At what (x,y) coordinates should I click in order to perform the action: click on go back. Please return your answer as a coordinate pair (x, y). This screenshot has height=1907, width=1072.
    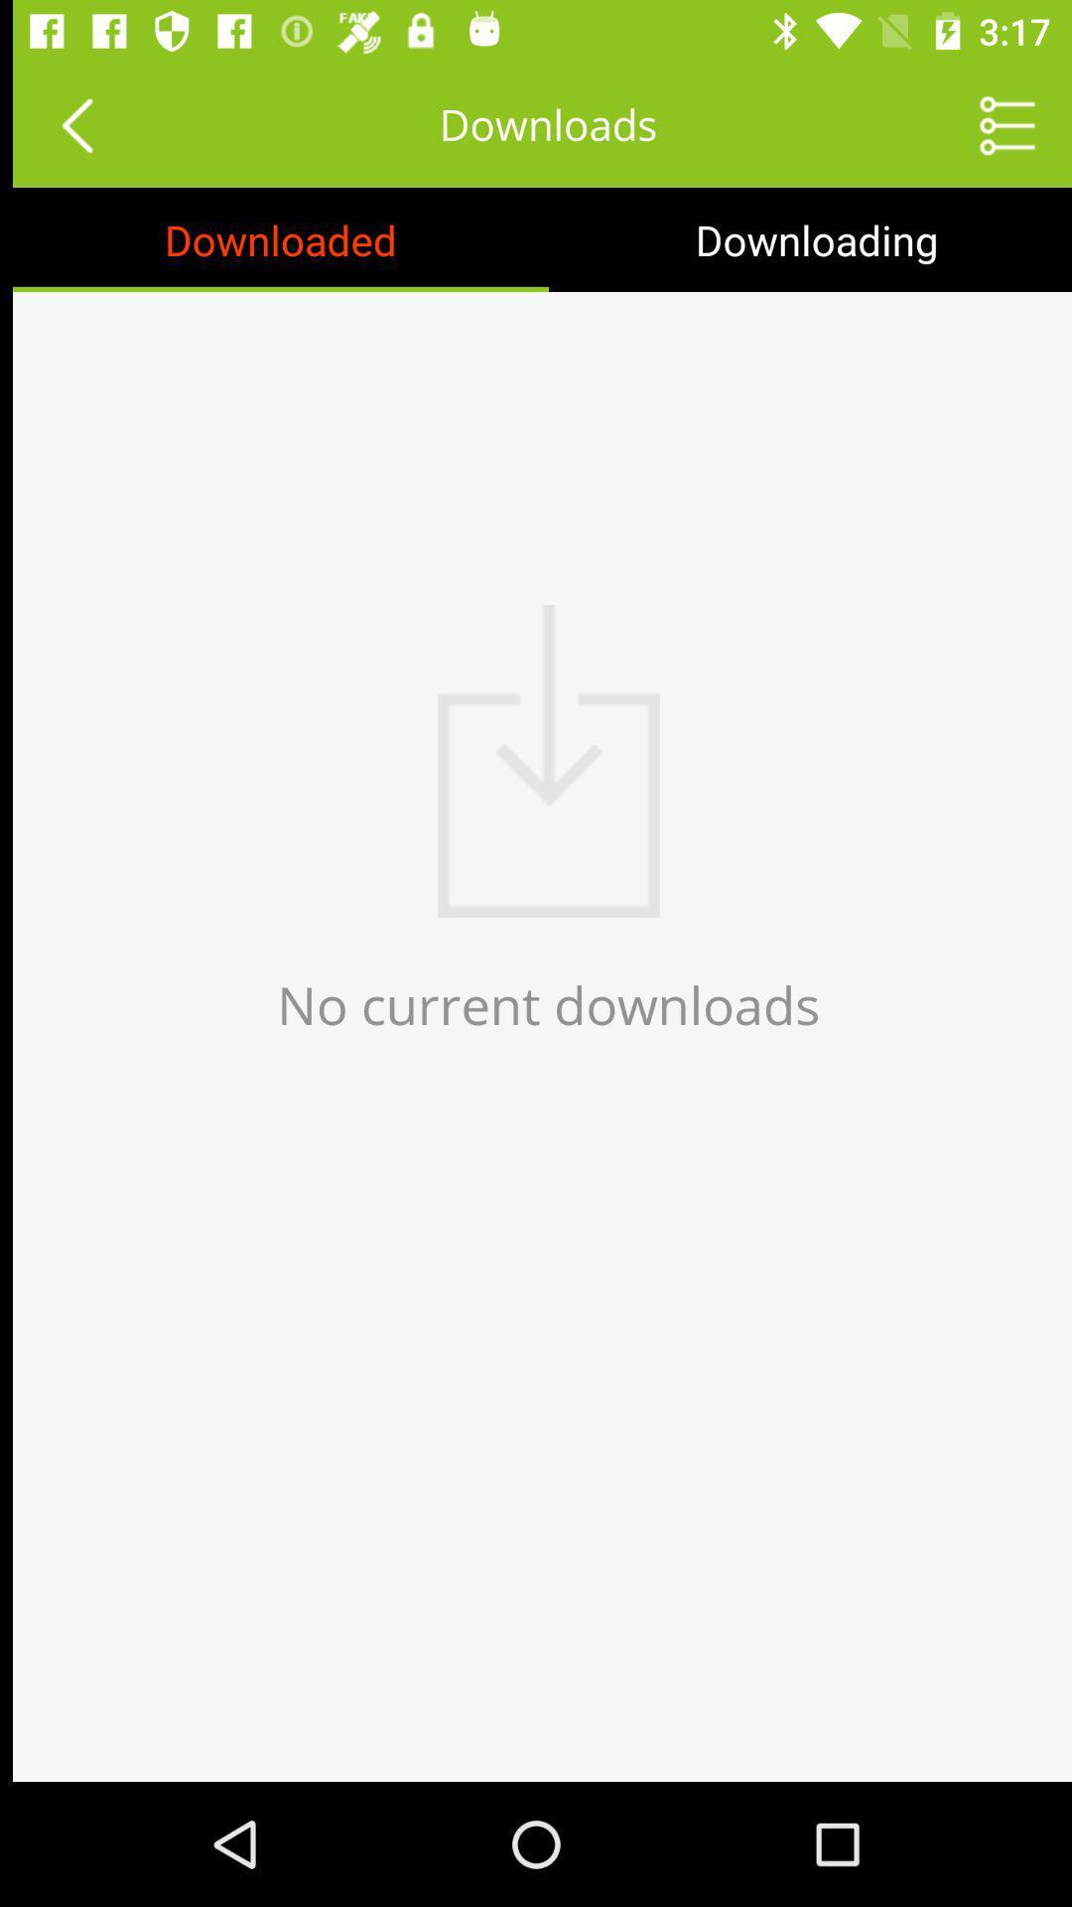
    Looking at the image, I should click on (63, 123).